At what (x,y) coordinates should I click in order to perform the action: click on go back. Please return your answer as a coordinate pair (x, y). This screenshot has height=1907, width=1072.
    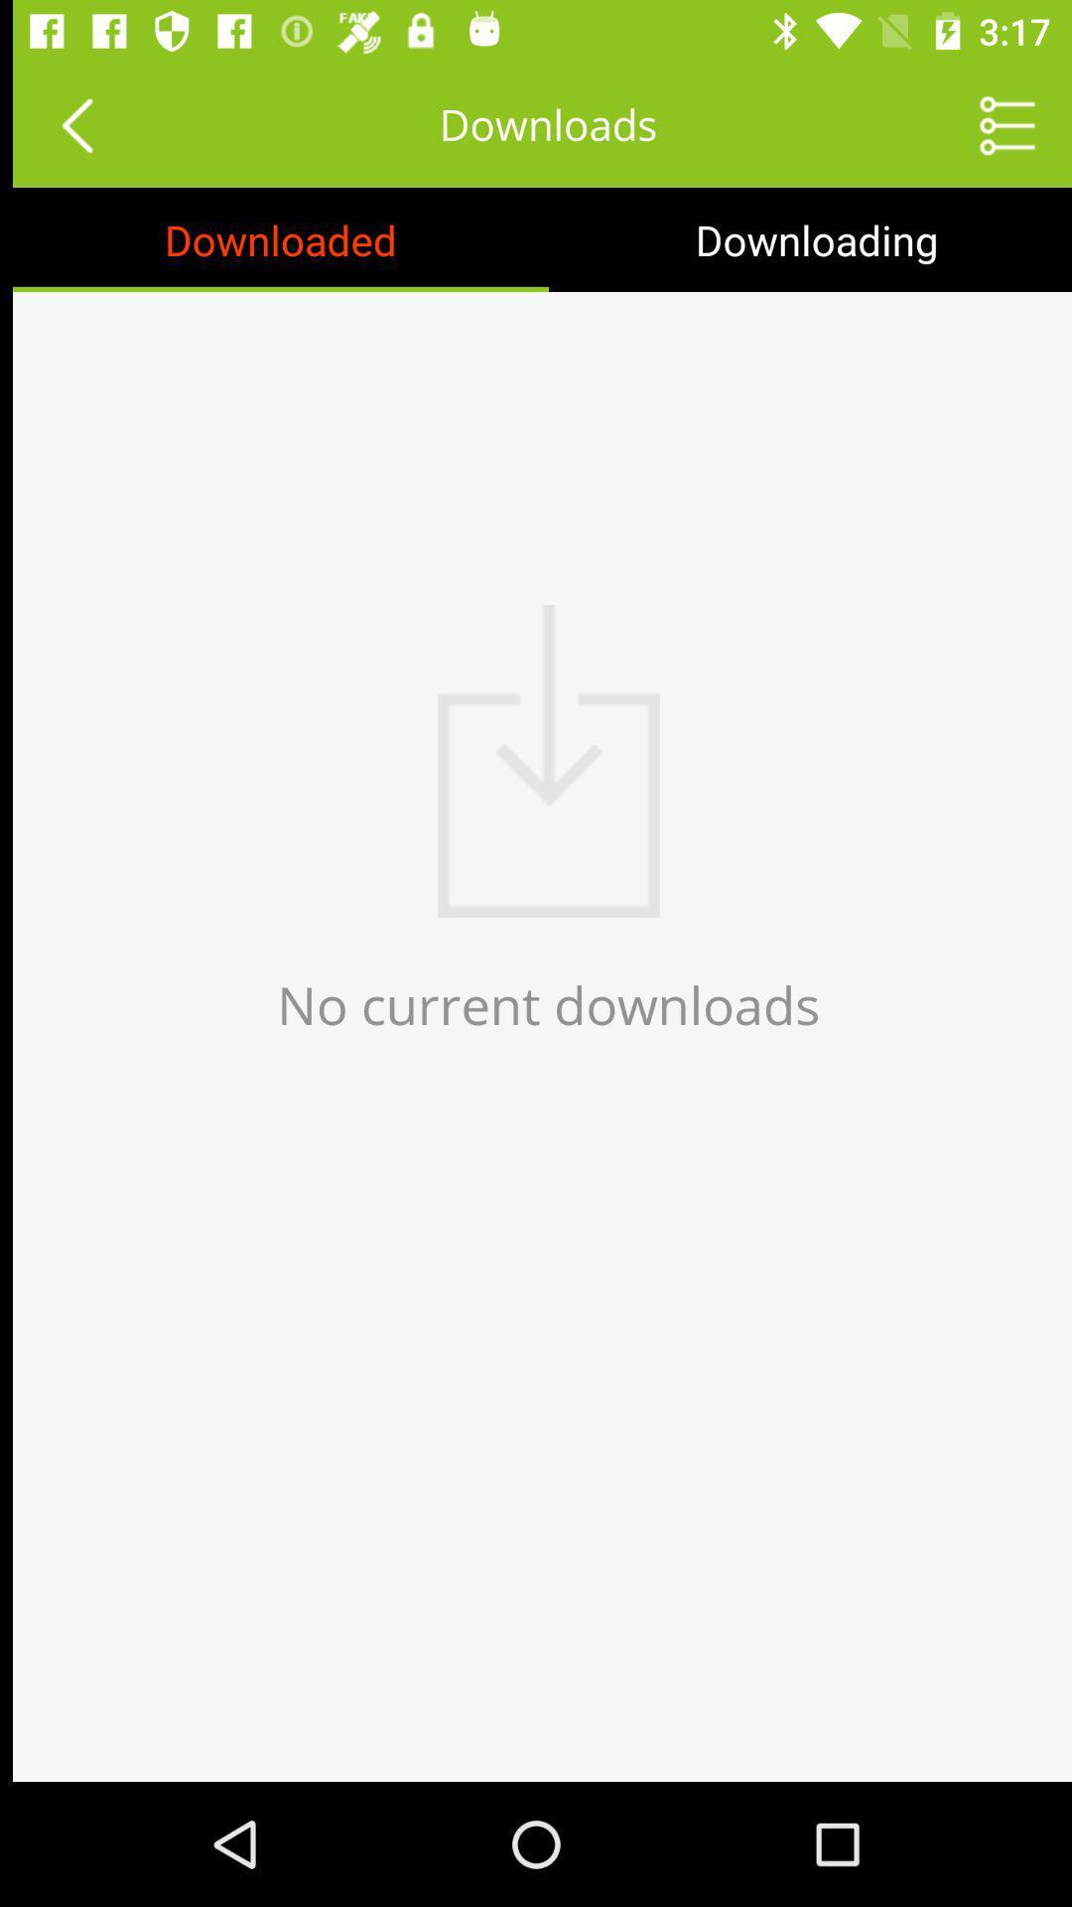
    Looking at the image, I should click on (63, 123).